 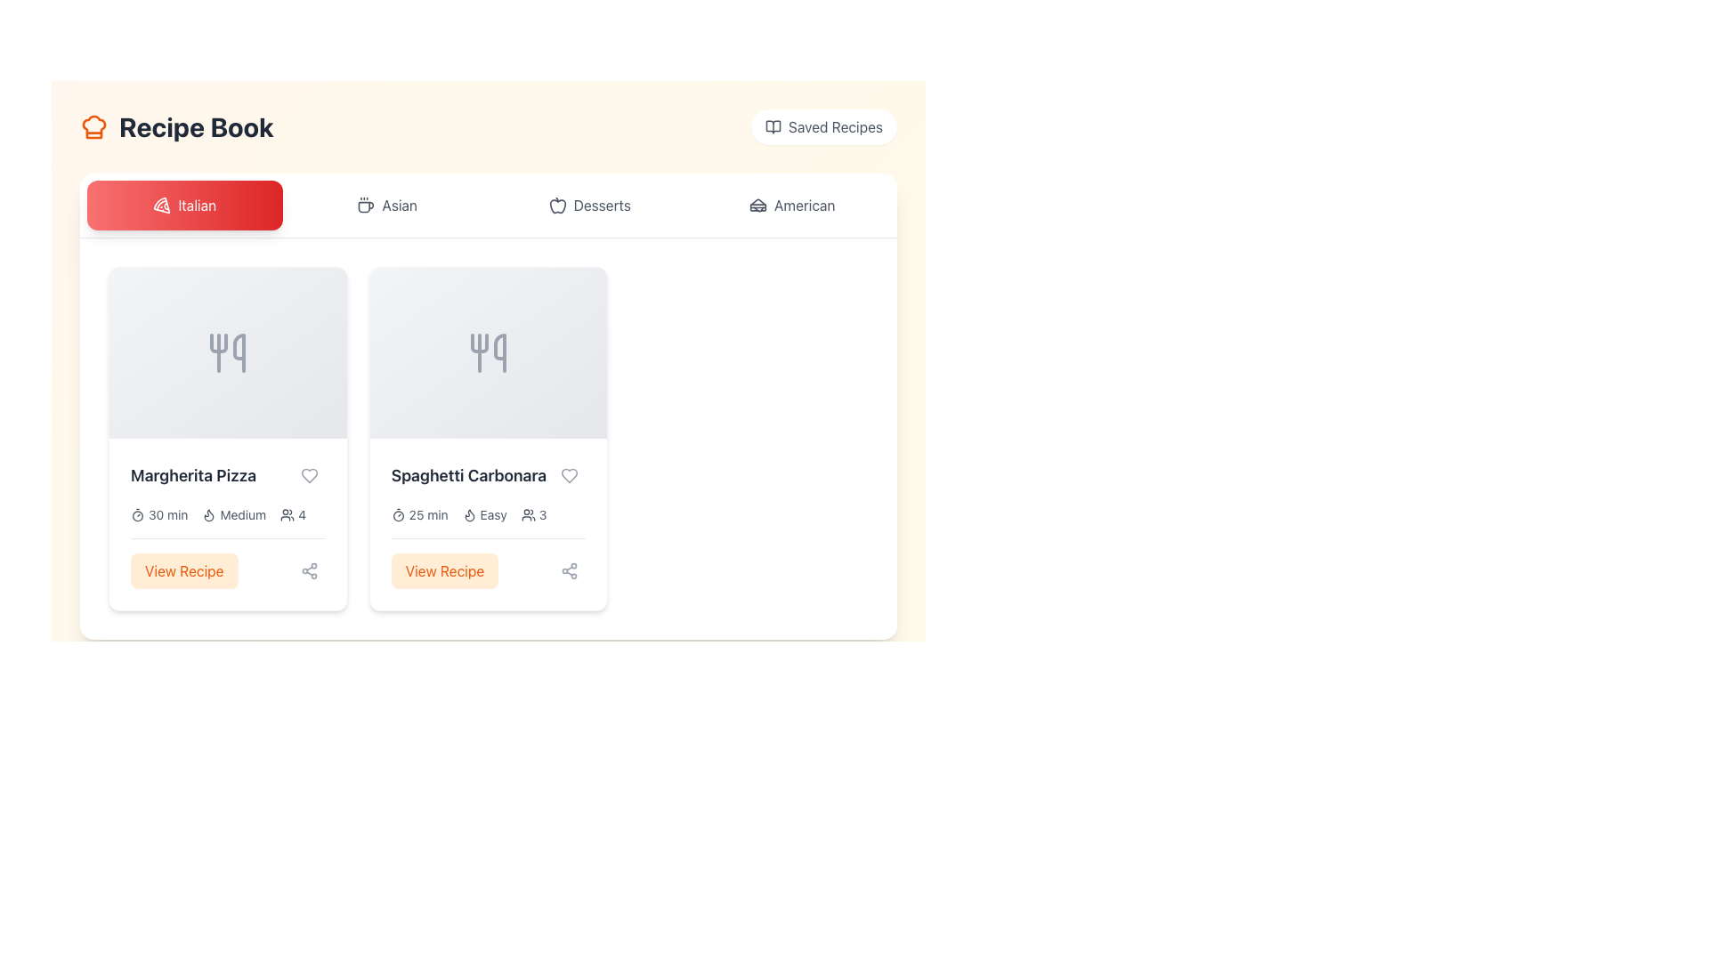 I want to click on the decorative food utensils icon located at the center near the upper portion of the 'Spaghetti Carbonara' recipe card, so click(x=488, y=353).